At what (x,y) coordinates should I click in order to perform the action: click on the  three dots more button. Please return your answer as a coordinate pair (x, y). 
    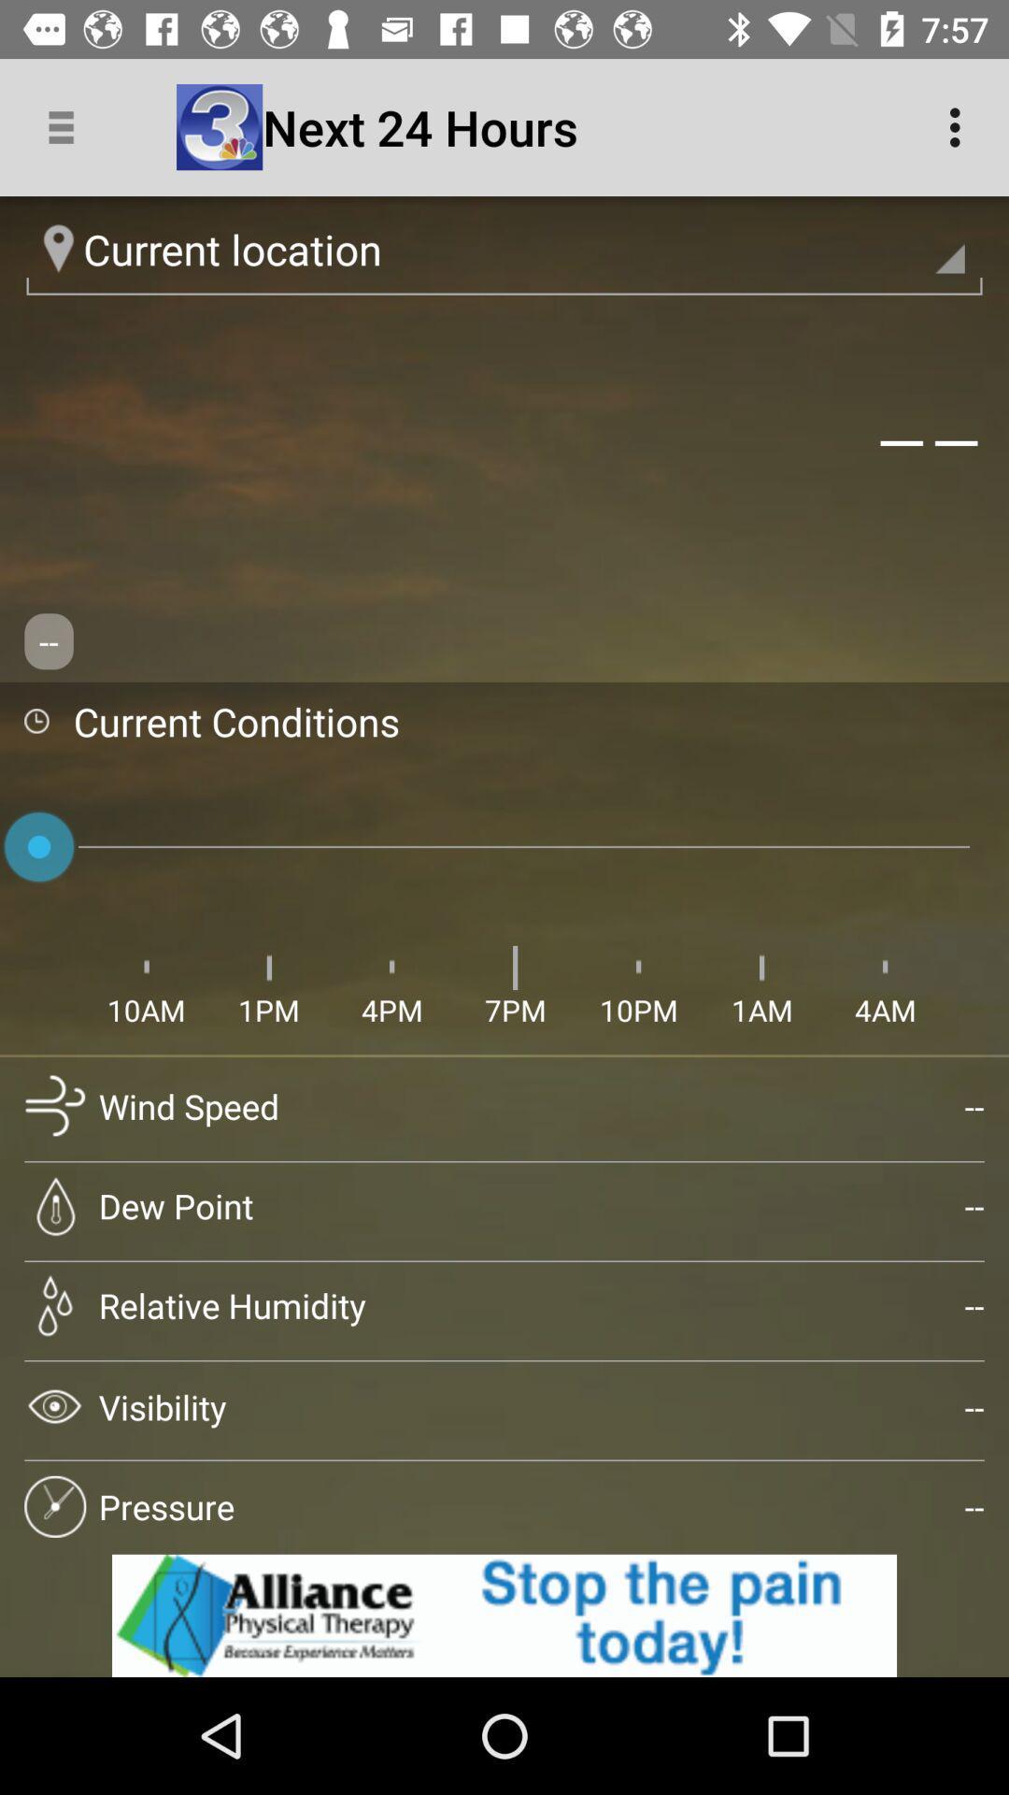
    Looking at the image, I should click on (959, 127).